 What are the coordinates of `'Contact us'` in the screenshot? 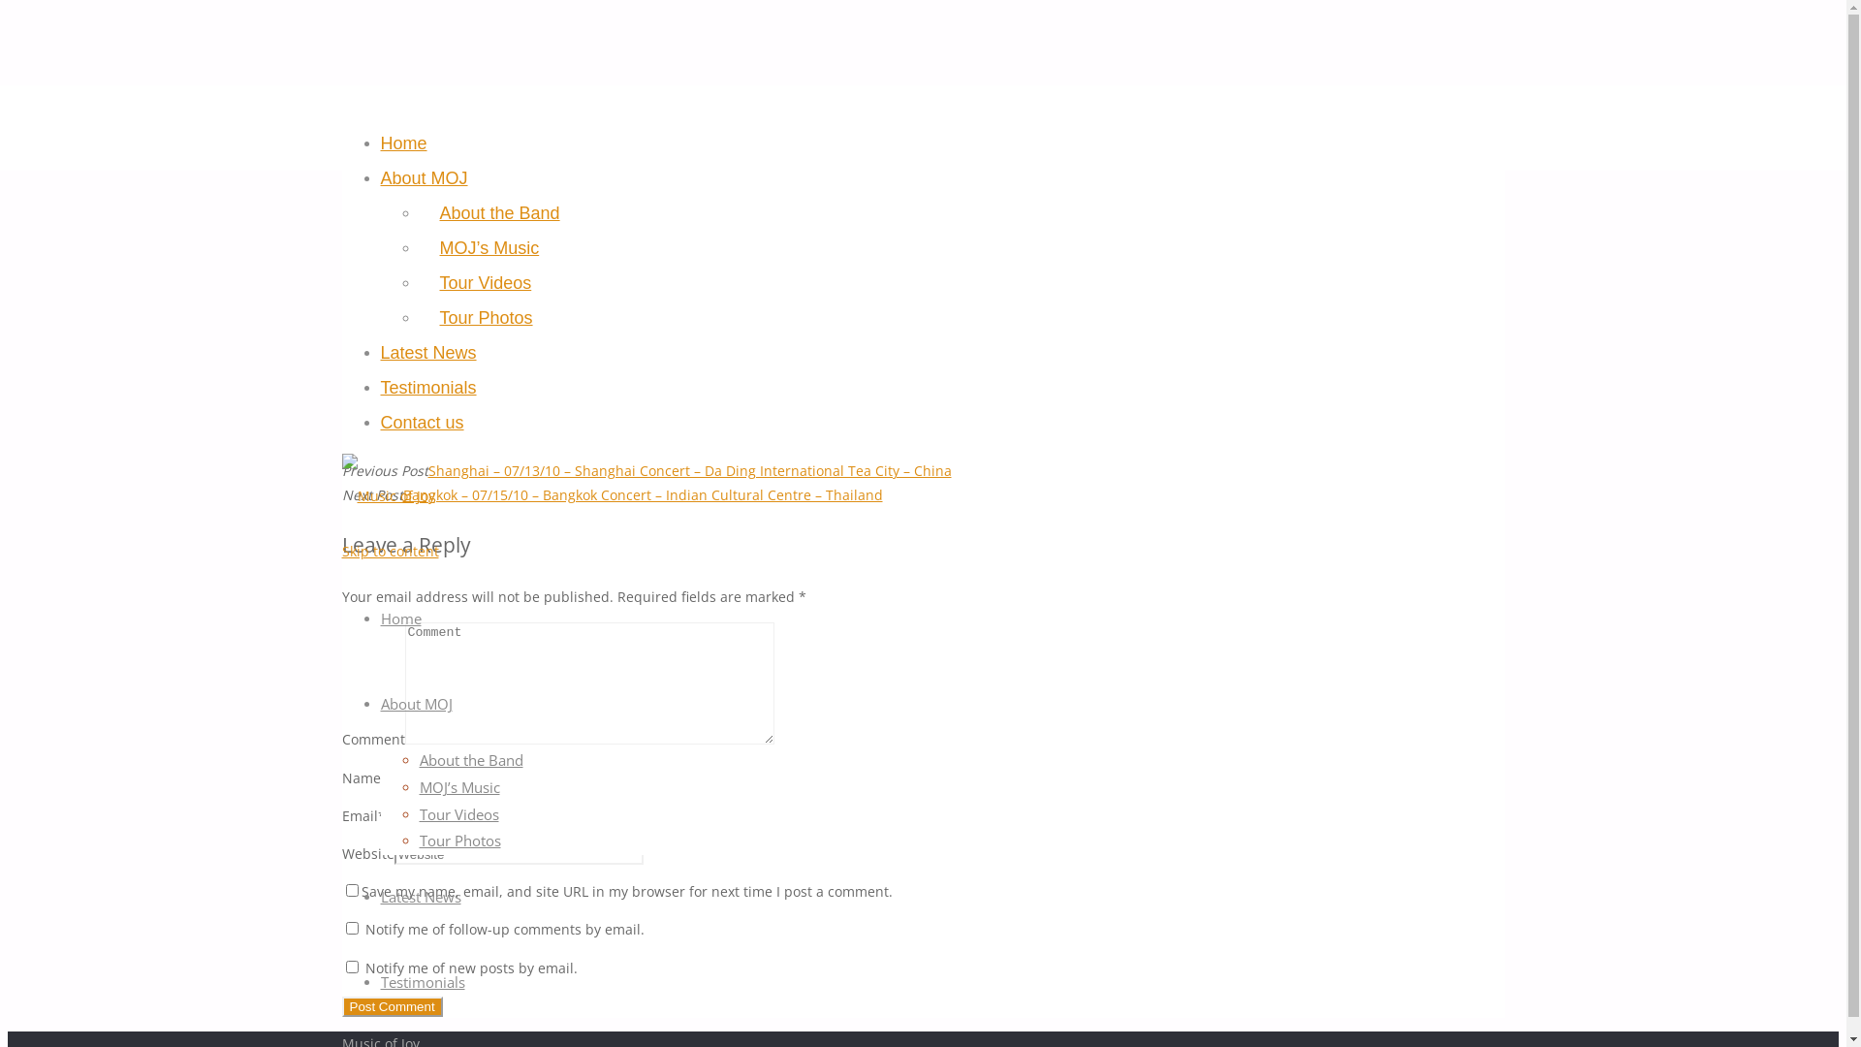 It's located at (421, 422).